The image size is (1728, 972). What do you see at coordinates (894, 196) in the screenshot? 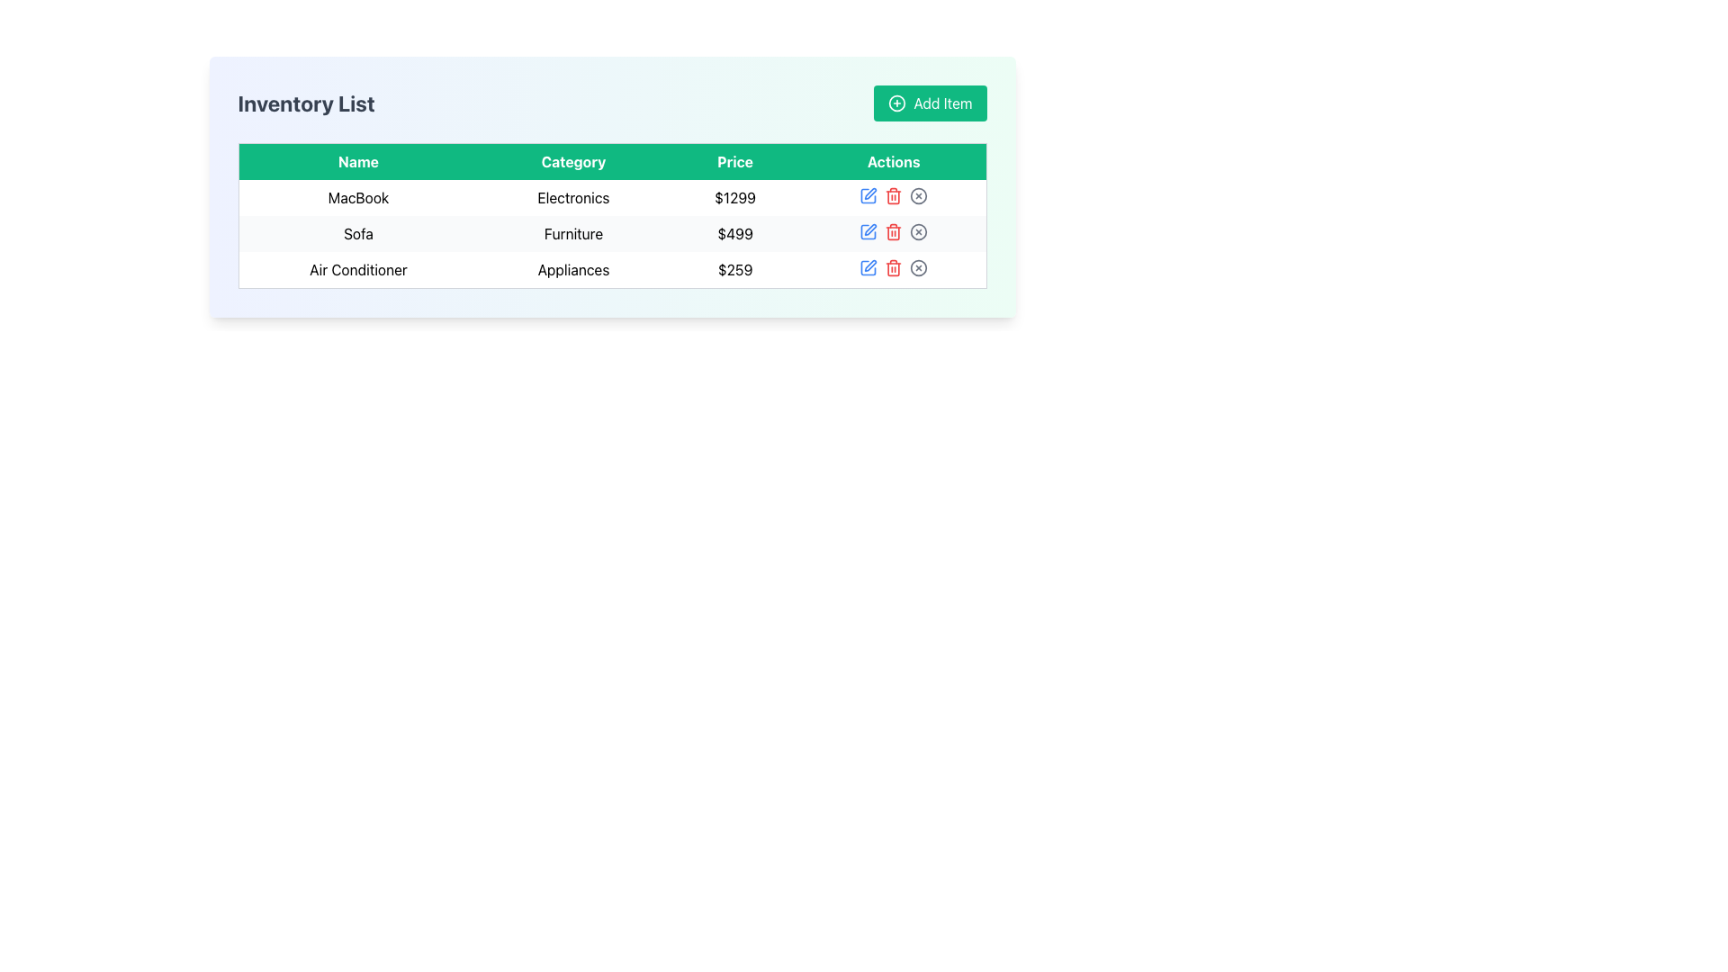
I see `the red trash can icon in the 'Actions' column of the 'Inventory List' table for the item 'MacBook' under the 'Electronics' category` at bounding box center [894, 196].